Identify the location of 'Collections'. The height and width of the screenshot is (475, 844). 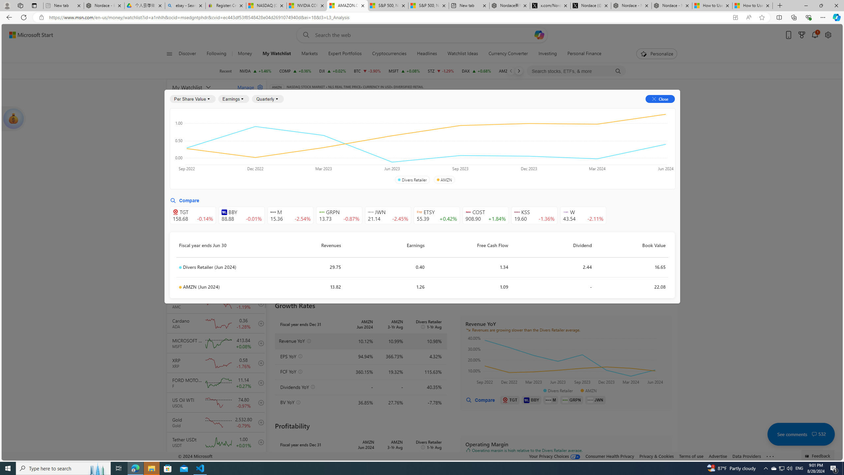
(793, 17).